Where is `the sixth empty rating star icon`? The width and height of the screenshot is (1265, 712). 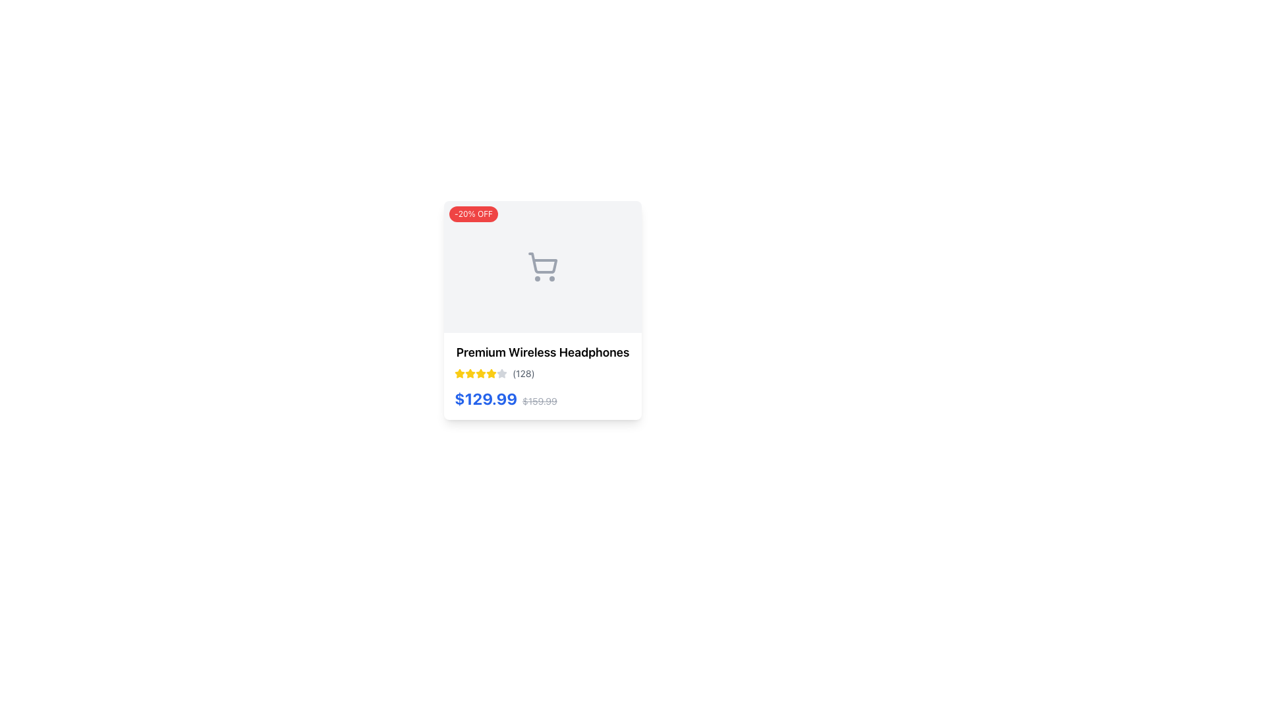
the sixth empty rating star icon is located at coordinates (501, 374).